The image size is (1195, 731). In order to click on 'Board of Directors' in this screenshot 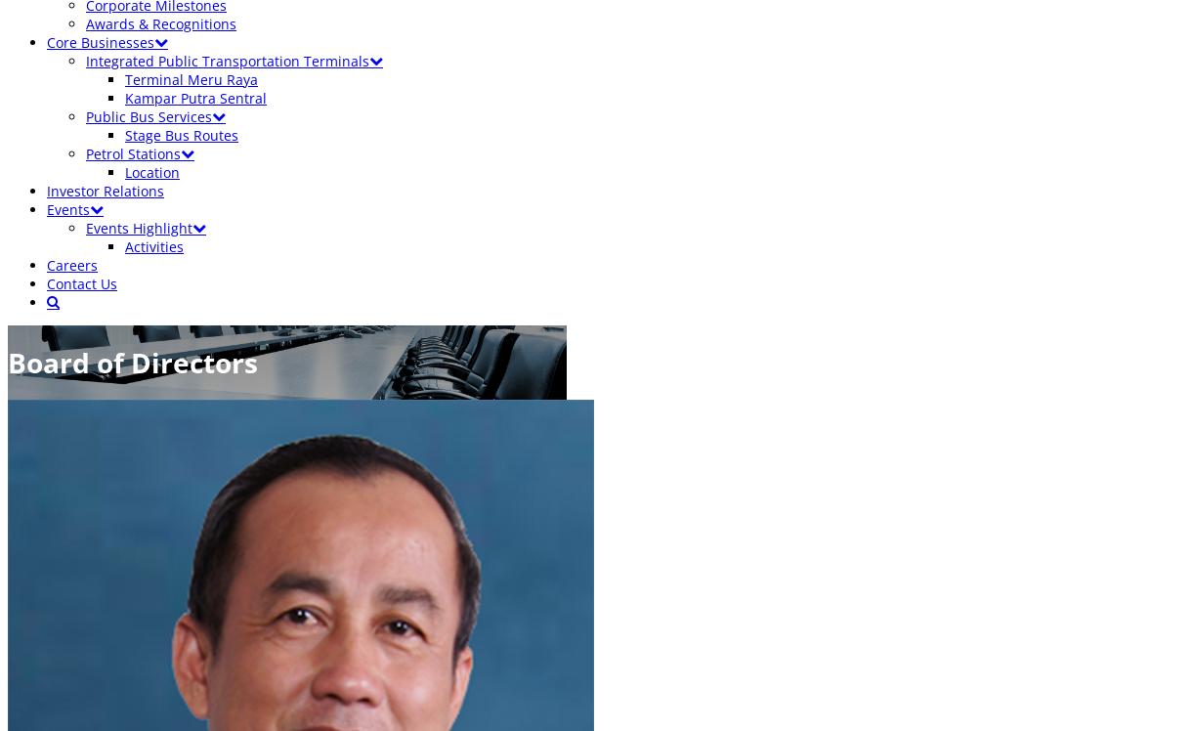, I will do `click(7, 361)`.